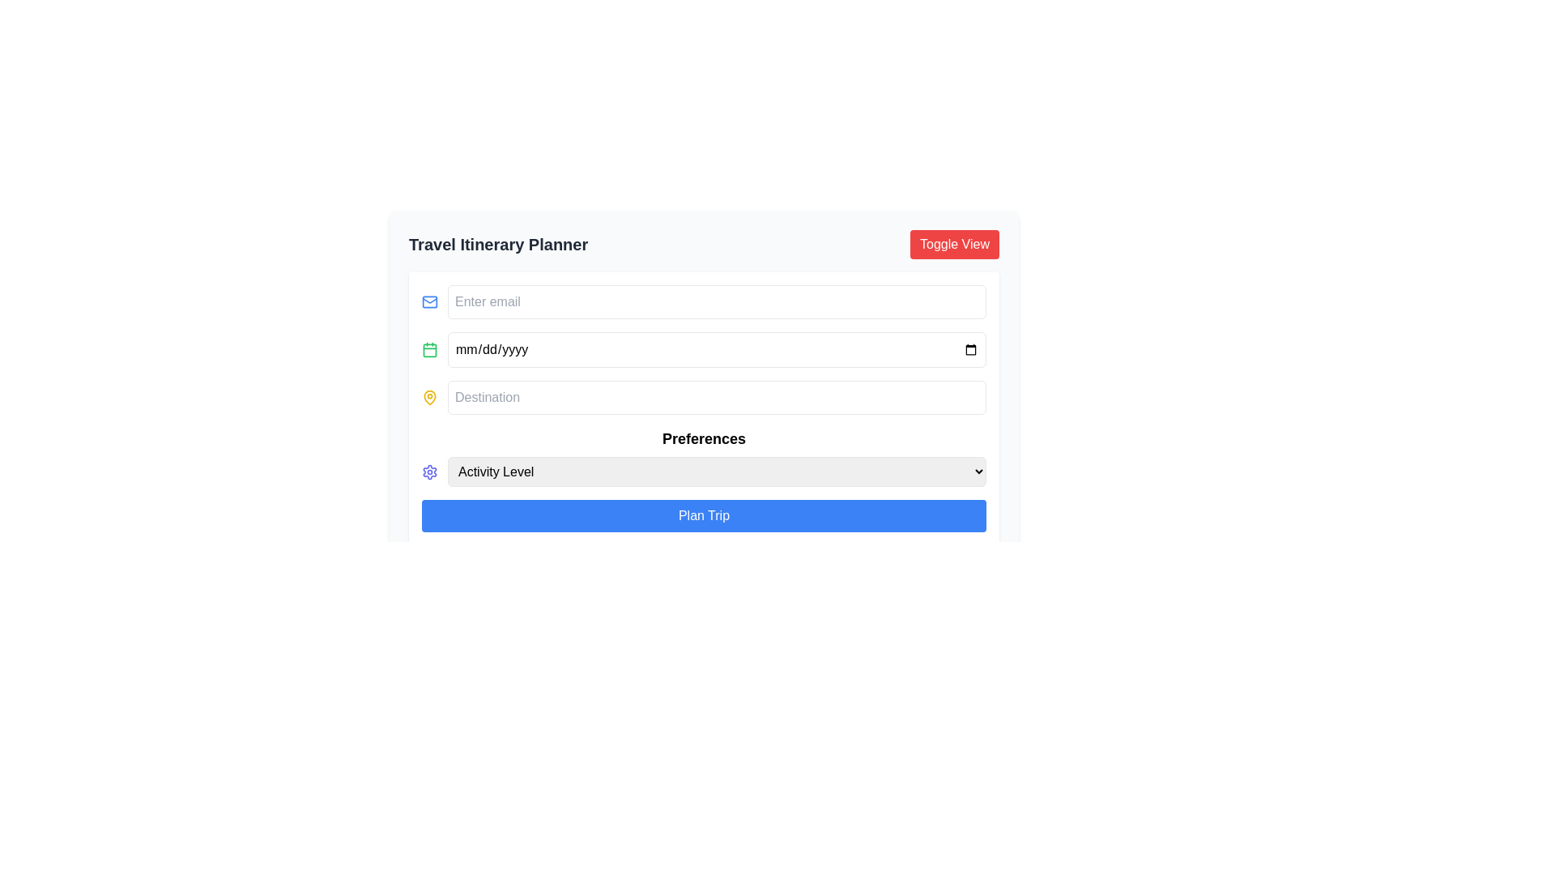 This screenshot has width=1555, height=875. Describe the element at coordinates (716, 302) in the screenshot. I see `the email input text field located to the right of the blue envelope icon by` at that location.